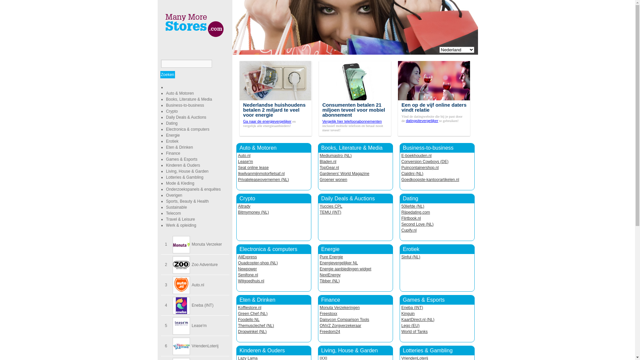 The height and width of the screenshot is (360, 640). I want to click on 'World of Tanks', so click(414, 332).